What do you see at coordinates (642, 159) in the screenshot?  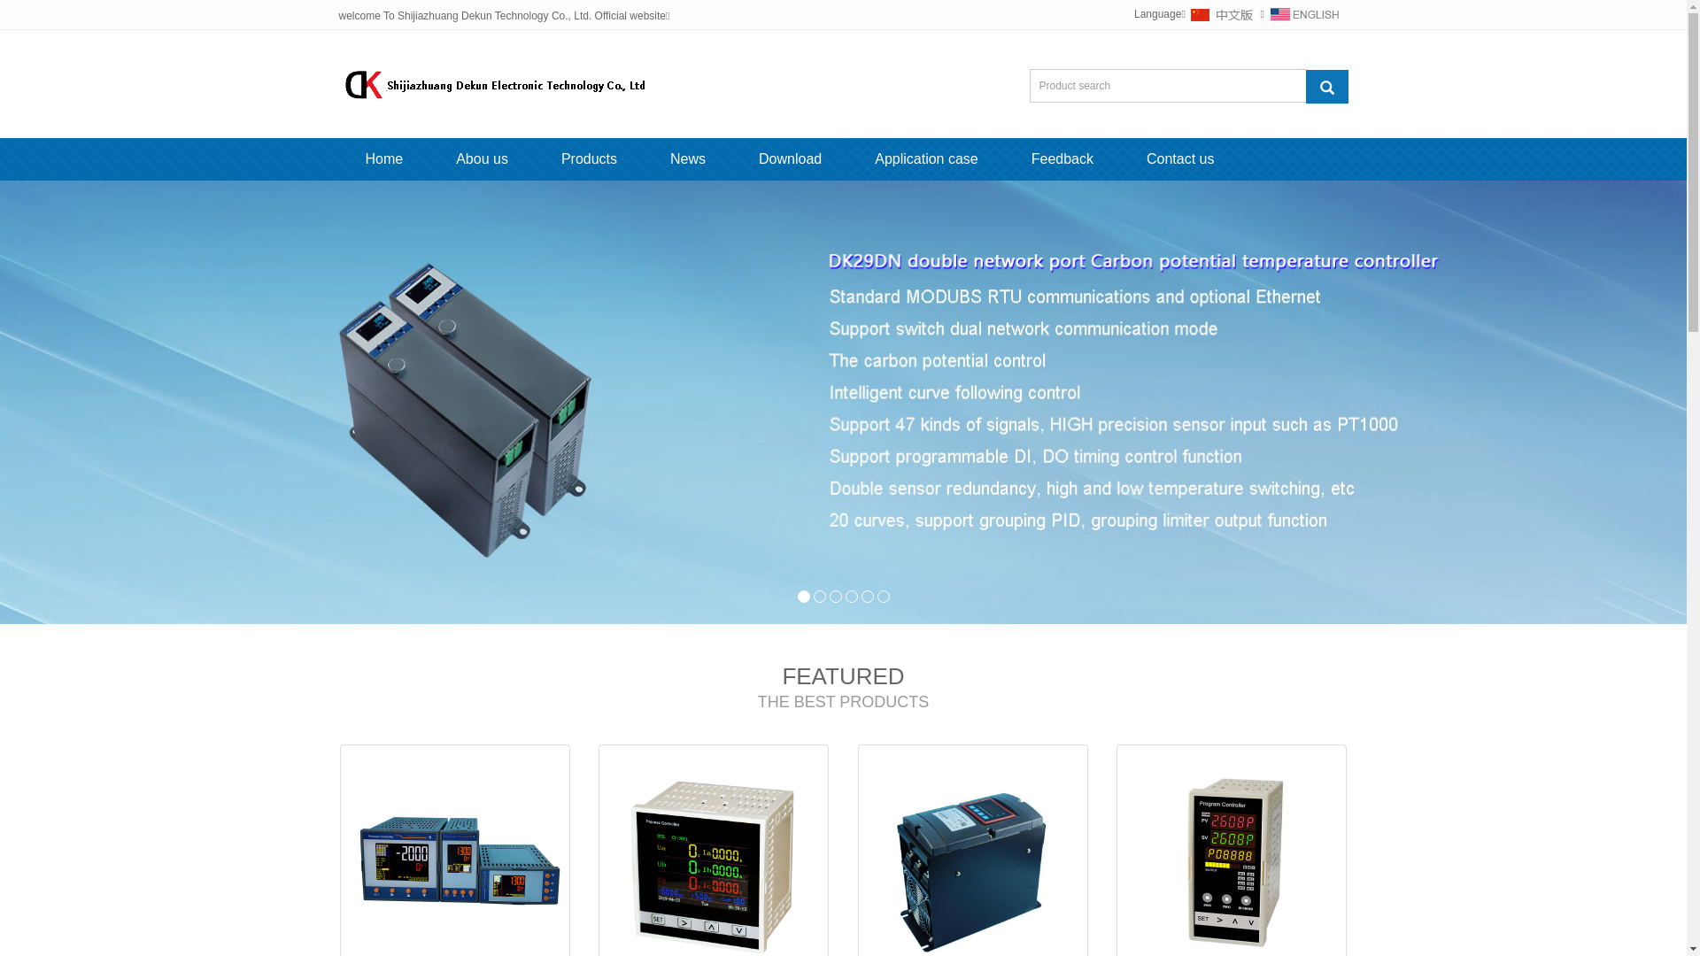 I see `'News'` at bounding box center [642, 159].